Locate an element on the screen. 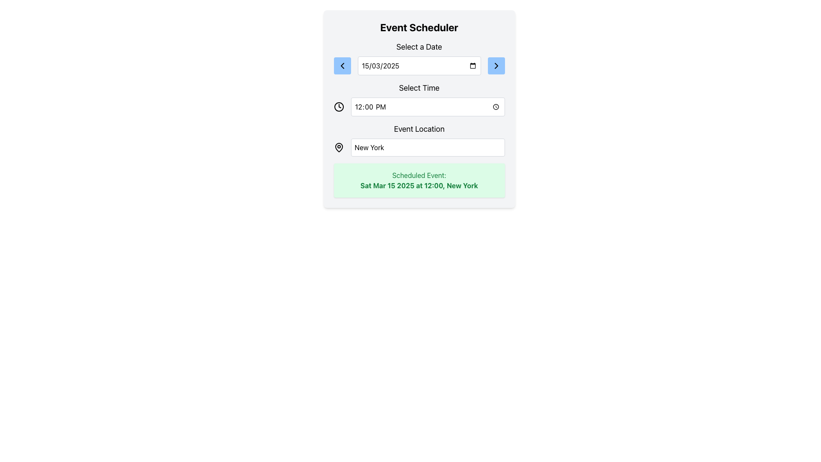  the right-facing chevron icon within the button is located at coordinates (496, 65).